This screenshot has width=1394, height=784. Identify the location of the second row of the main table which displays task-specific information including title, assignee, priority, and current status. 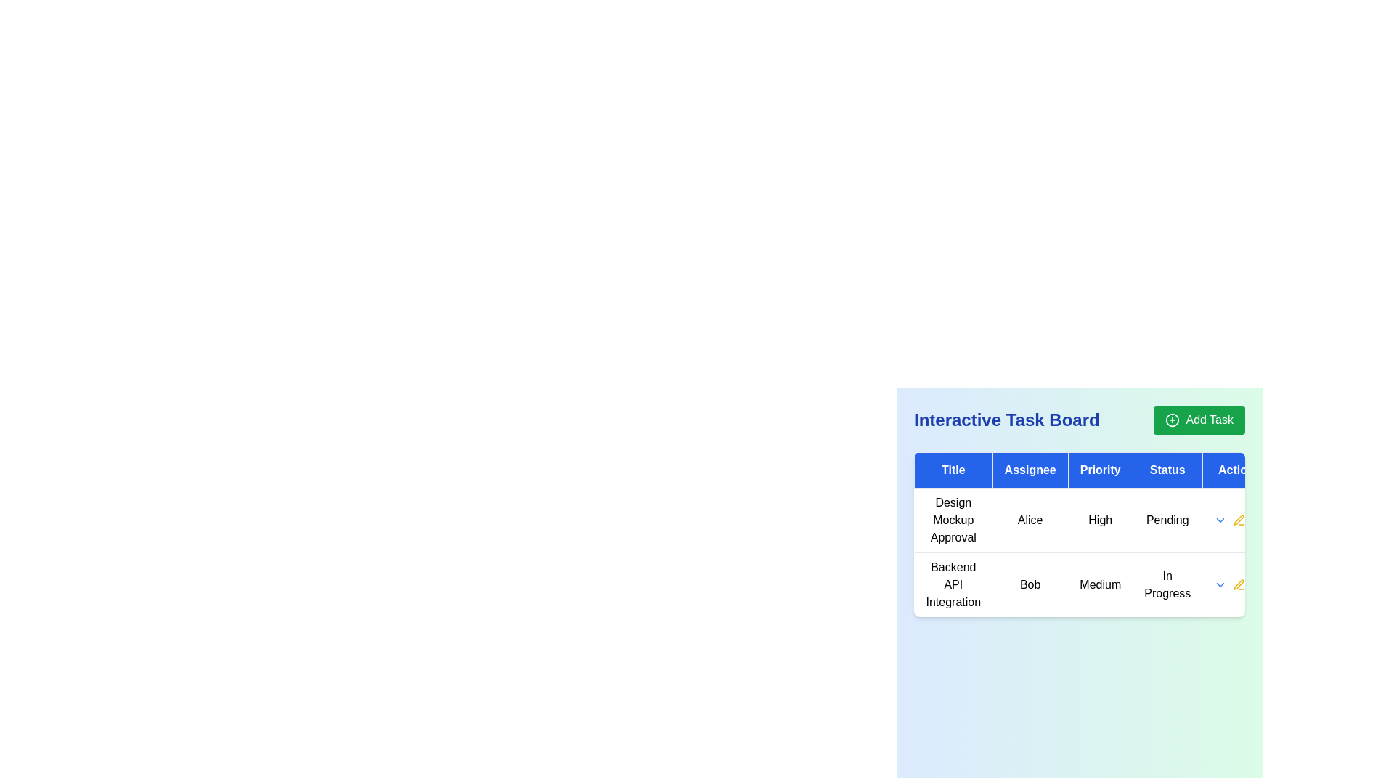
(1095, 584).